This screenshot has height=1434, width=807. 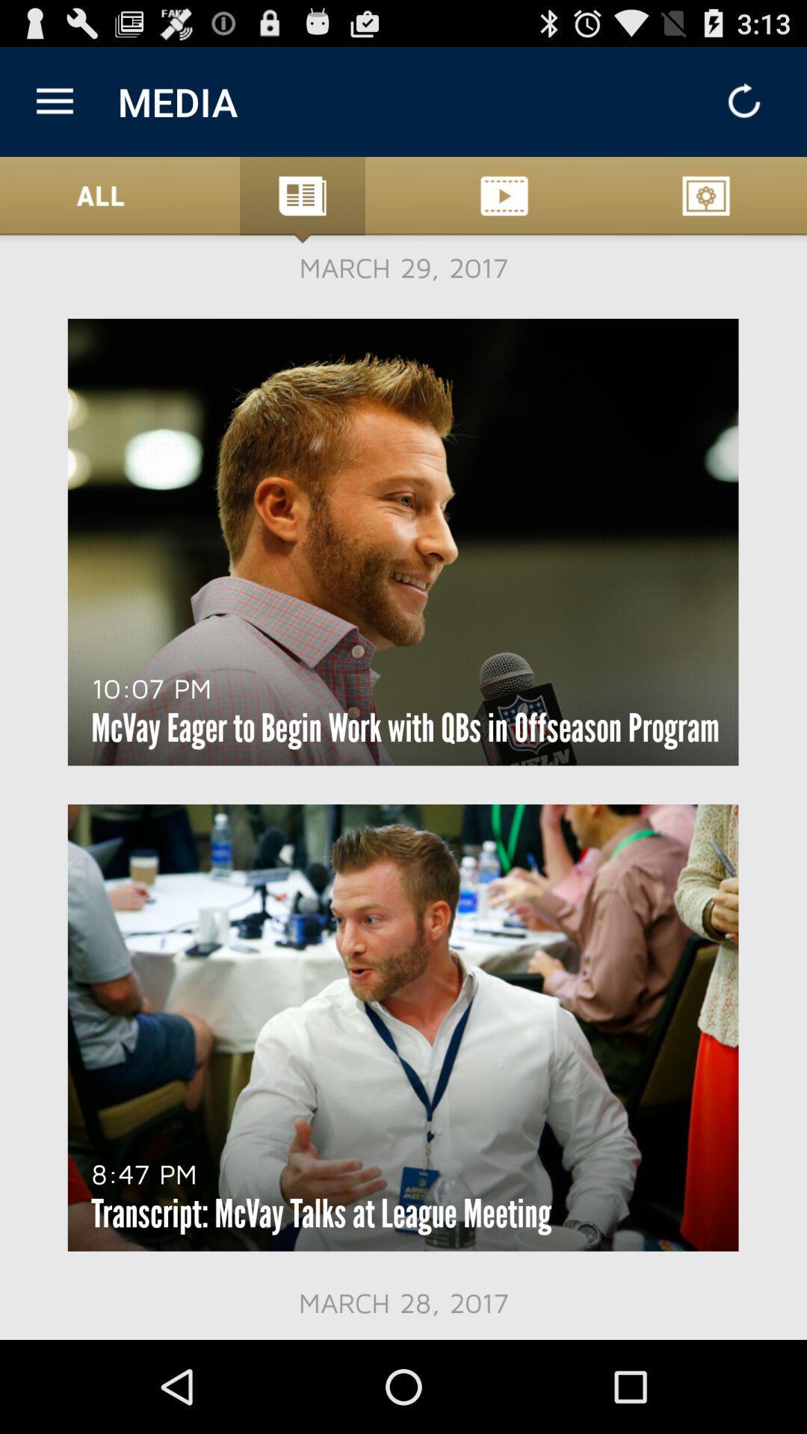 What do you see at coordinates (151, 687) in the screenshot?
I see `10:07 pm item` at bounding box center [151, 687].